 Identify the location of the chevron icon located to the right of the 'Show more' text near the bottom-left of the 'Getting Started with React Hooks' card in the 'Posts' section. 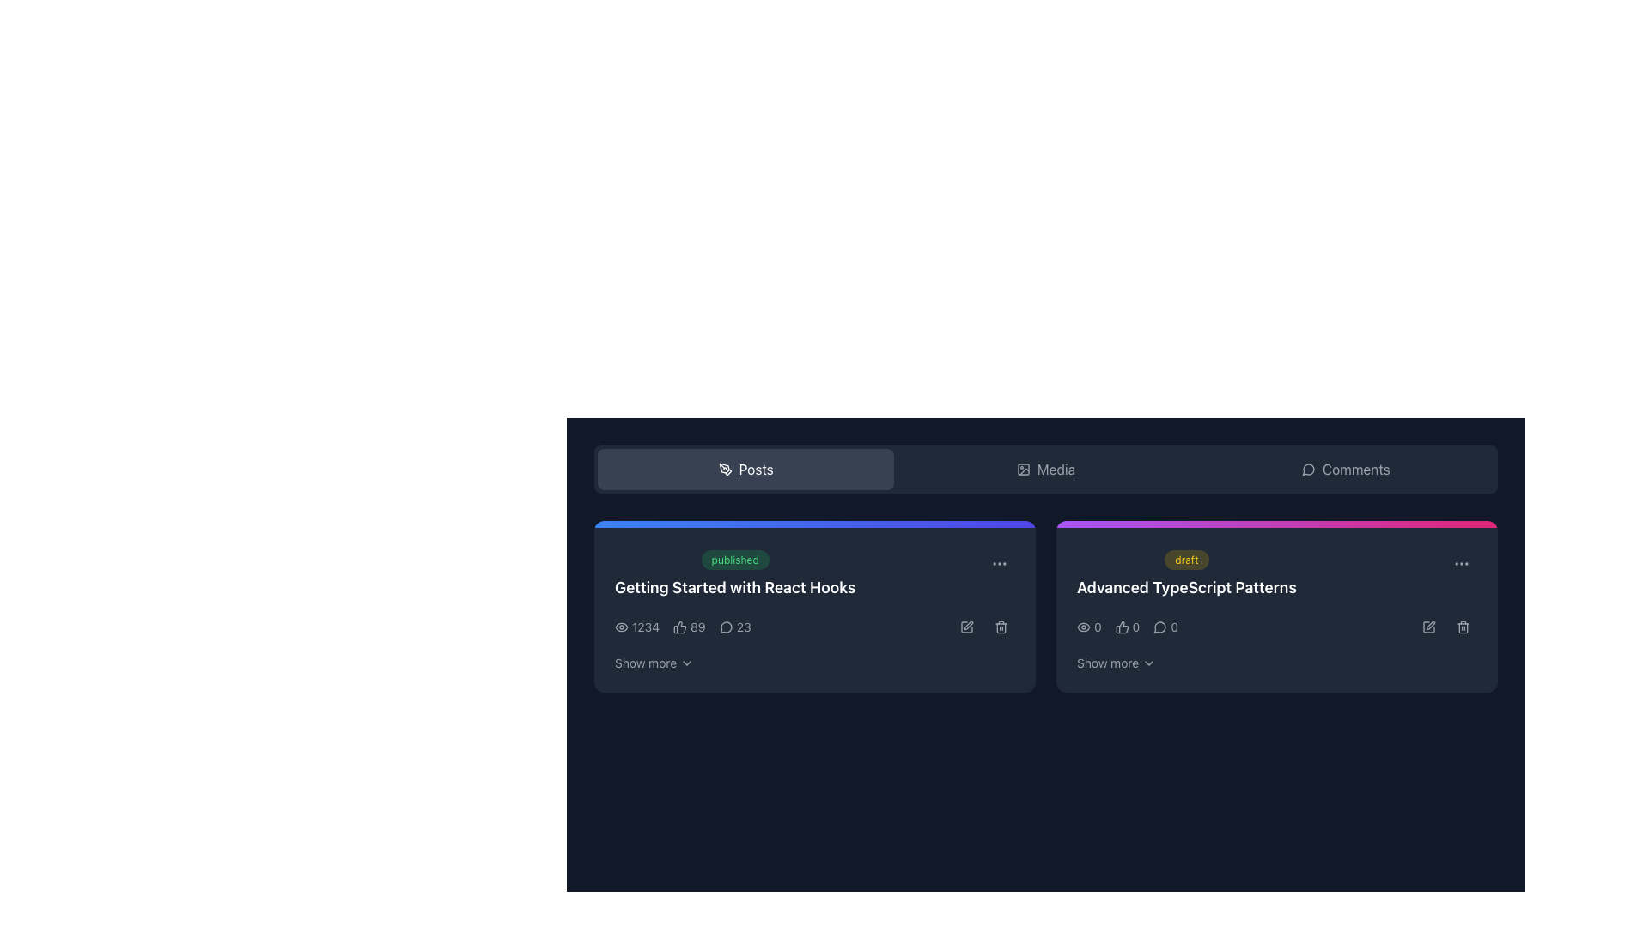
(687, 662).